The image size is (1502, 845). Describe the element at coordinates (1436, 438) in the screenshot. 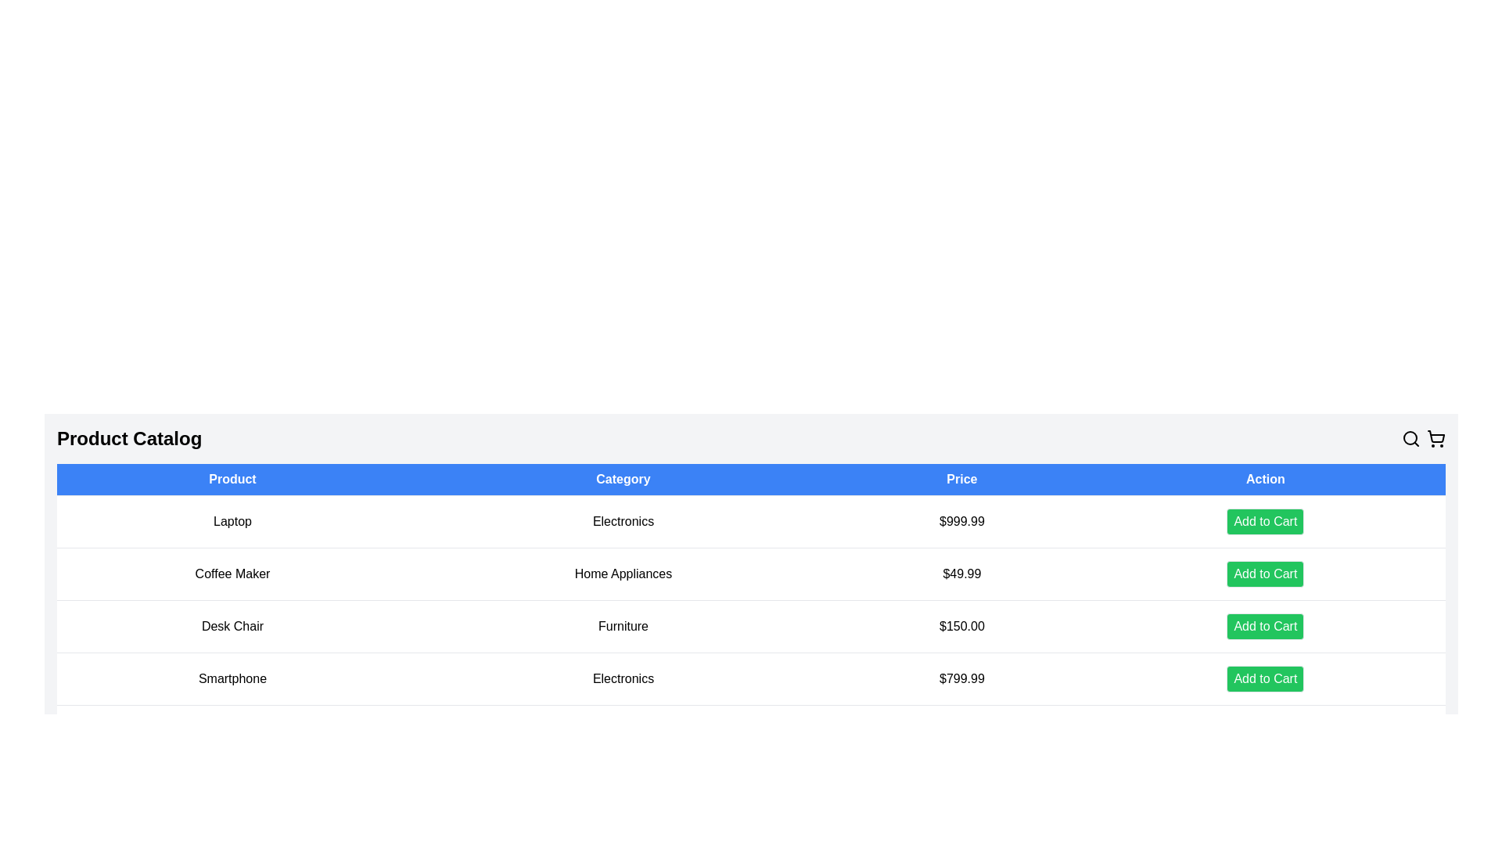

I see `the shopping cart icon located in the upper-right corner of the interface` at that location.